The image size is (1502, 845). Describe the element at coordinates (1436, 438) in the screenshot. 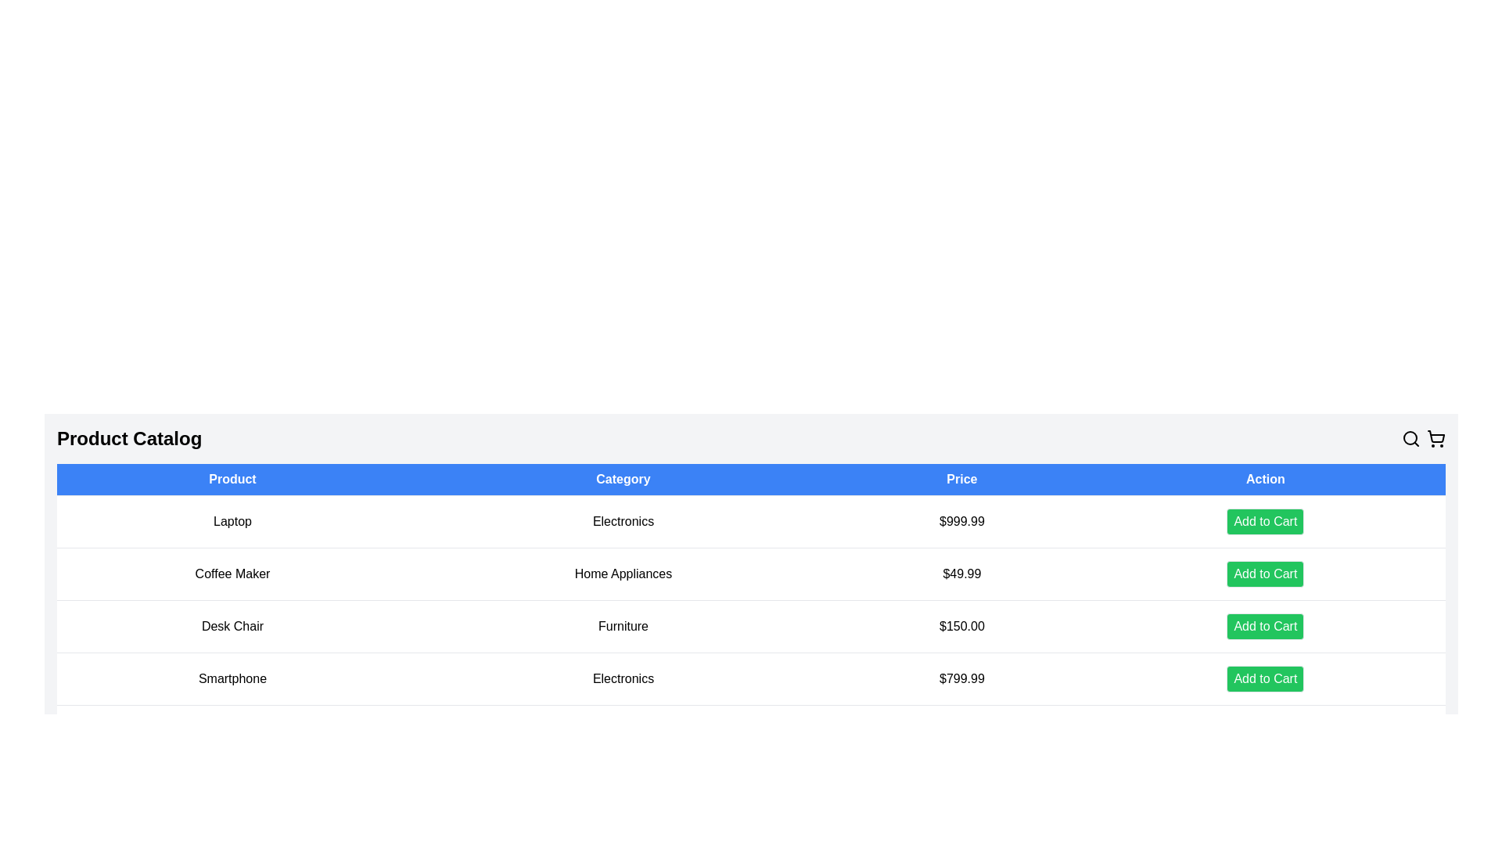

I see `the shopping cart icon located in the upper-right corner of the interface` at that location.